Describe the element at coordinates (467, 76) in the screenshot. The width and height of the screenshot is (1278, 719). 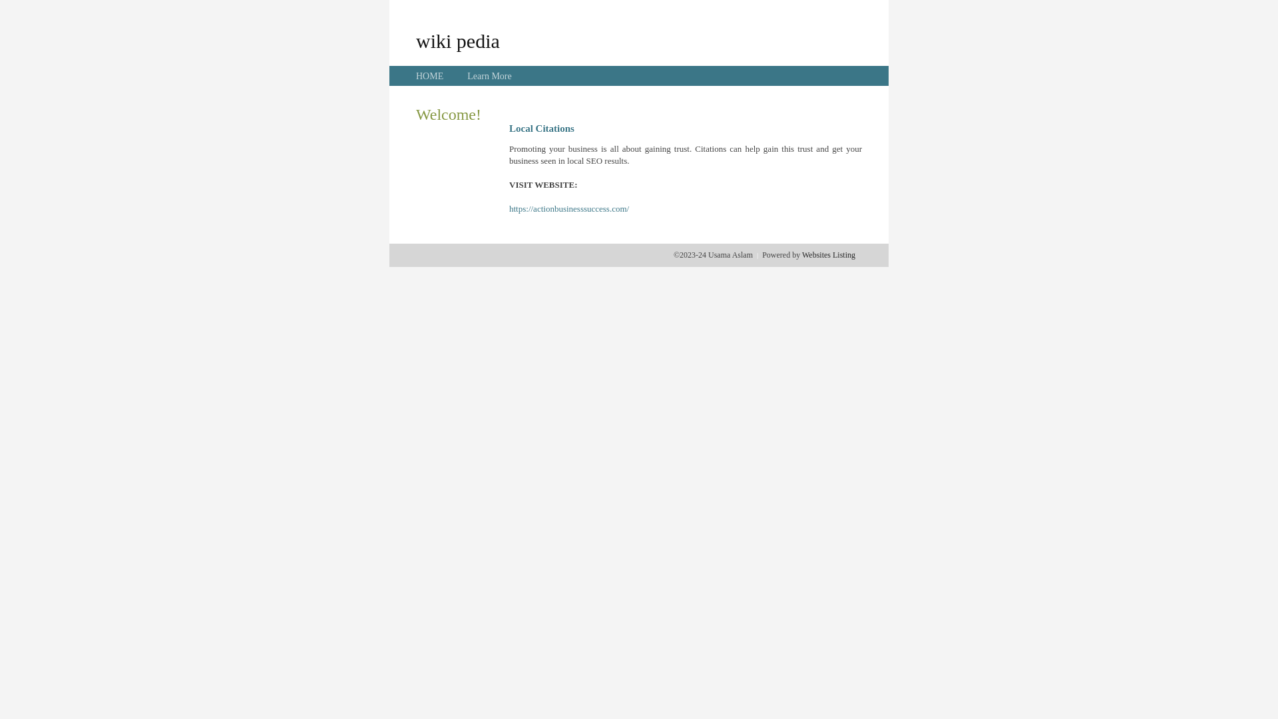
I see `'Learn More'` at that location.